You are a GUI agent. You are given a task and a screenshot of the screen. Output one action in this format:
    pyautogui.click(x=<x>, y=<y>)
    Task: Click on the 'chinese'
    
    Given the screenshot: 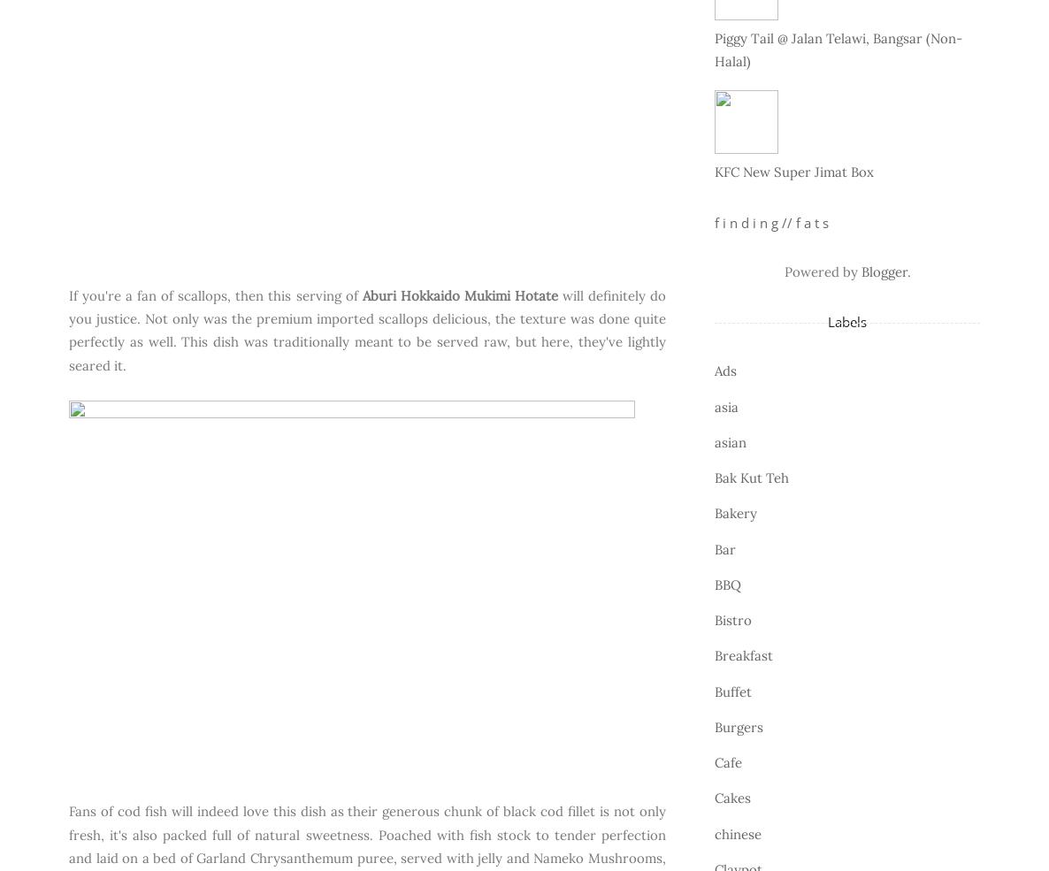 What is the action you would take?
    pyautogui.click(x=715, y=833)
    